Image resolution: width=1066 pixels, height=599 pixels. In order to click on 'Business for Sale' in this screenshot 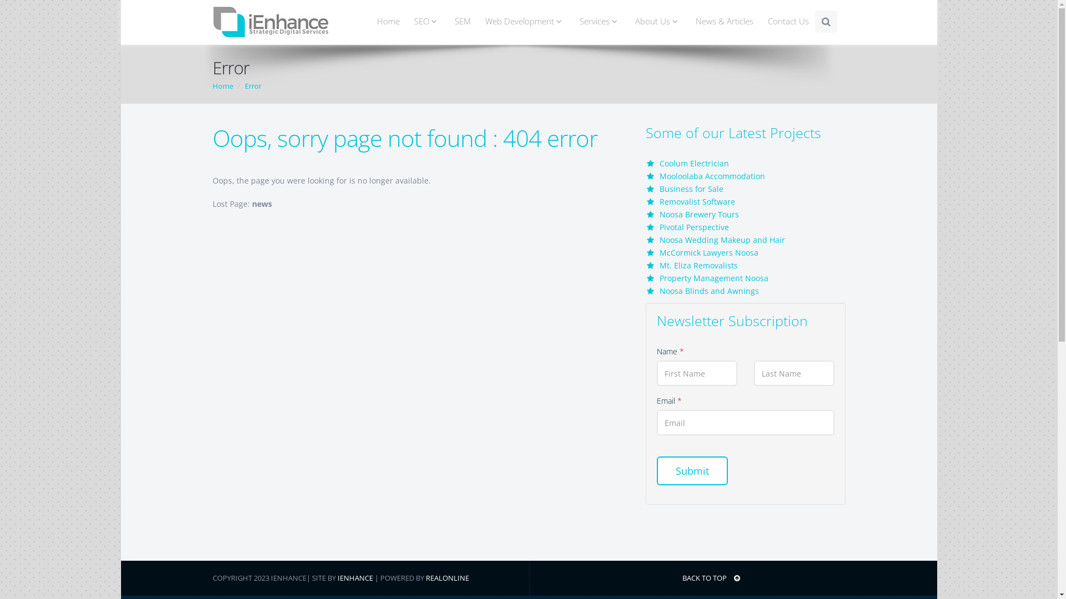, I will do `click(660, 188)`.